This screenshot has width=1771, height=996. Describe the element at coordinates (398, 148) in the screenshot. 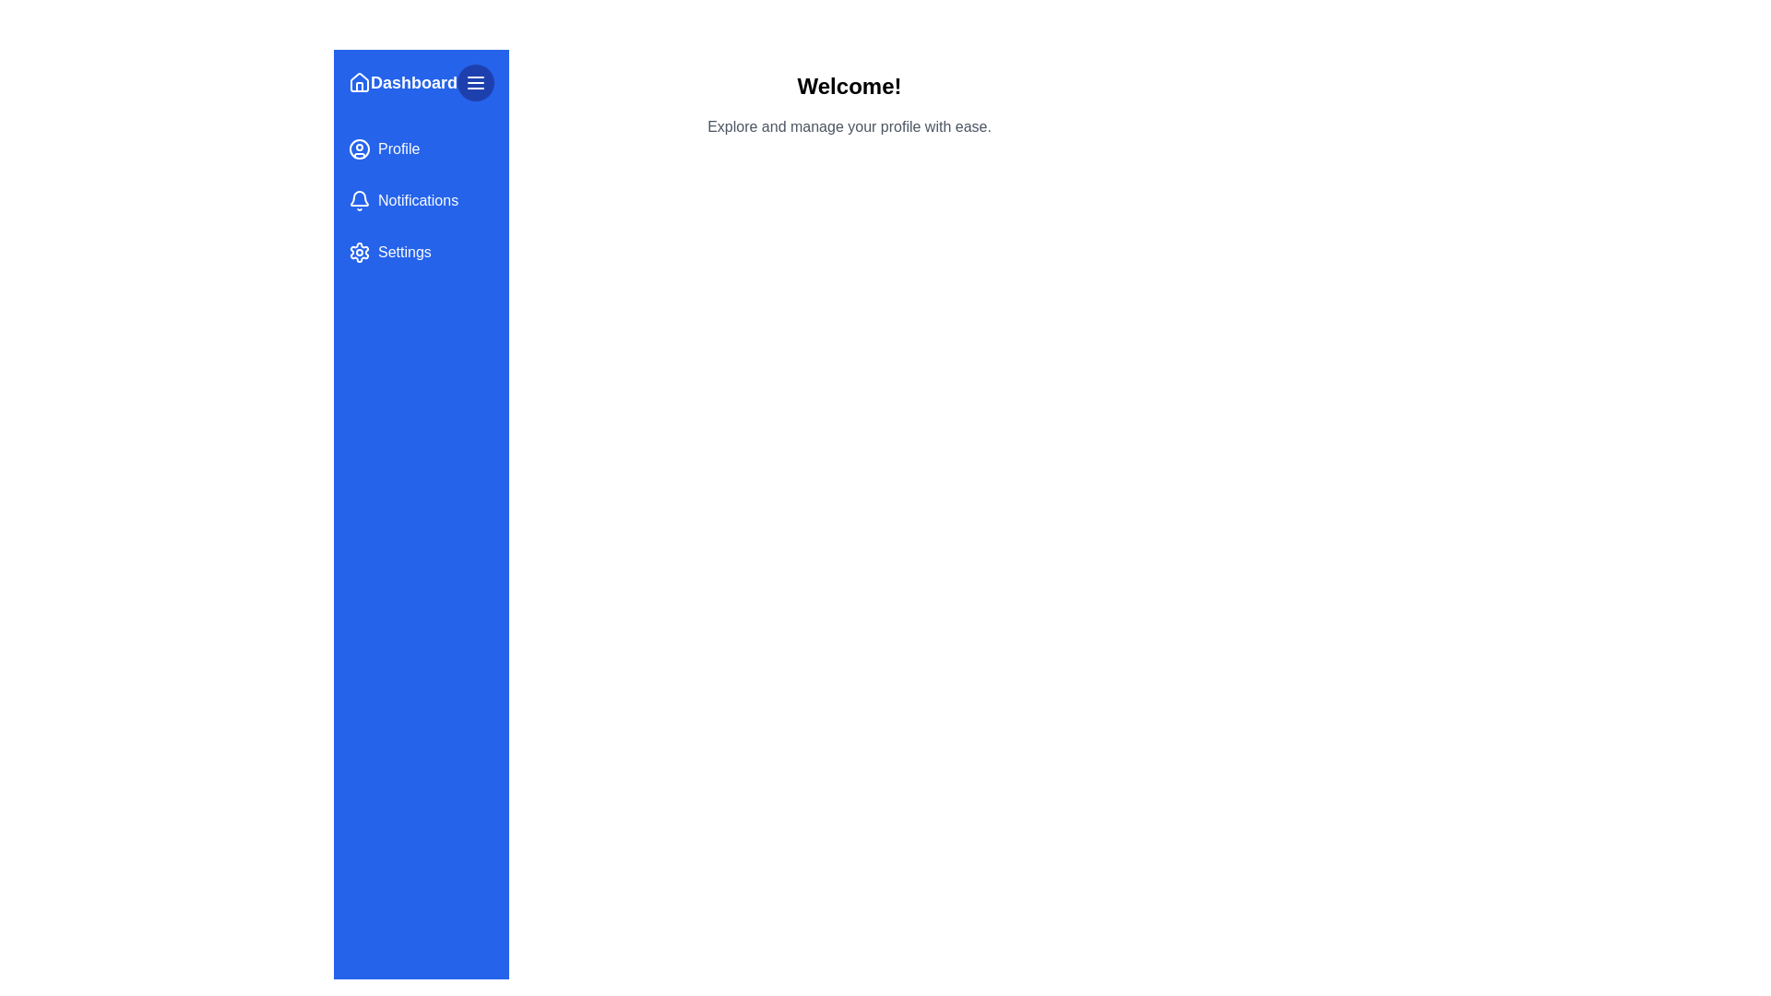

I see `the 'Profile' text label in the vertical navigation menu on the blue sidebar` at that location.